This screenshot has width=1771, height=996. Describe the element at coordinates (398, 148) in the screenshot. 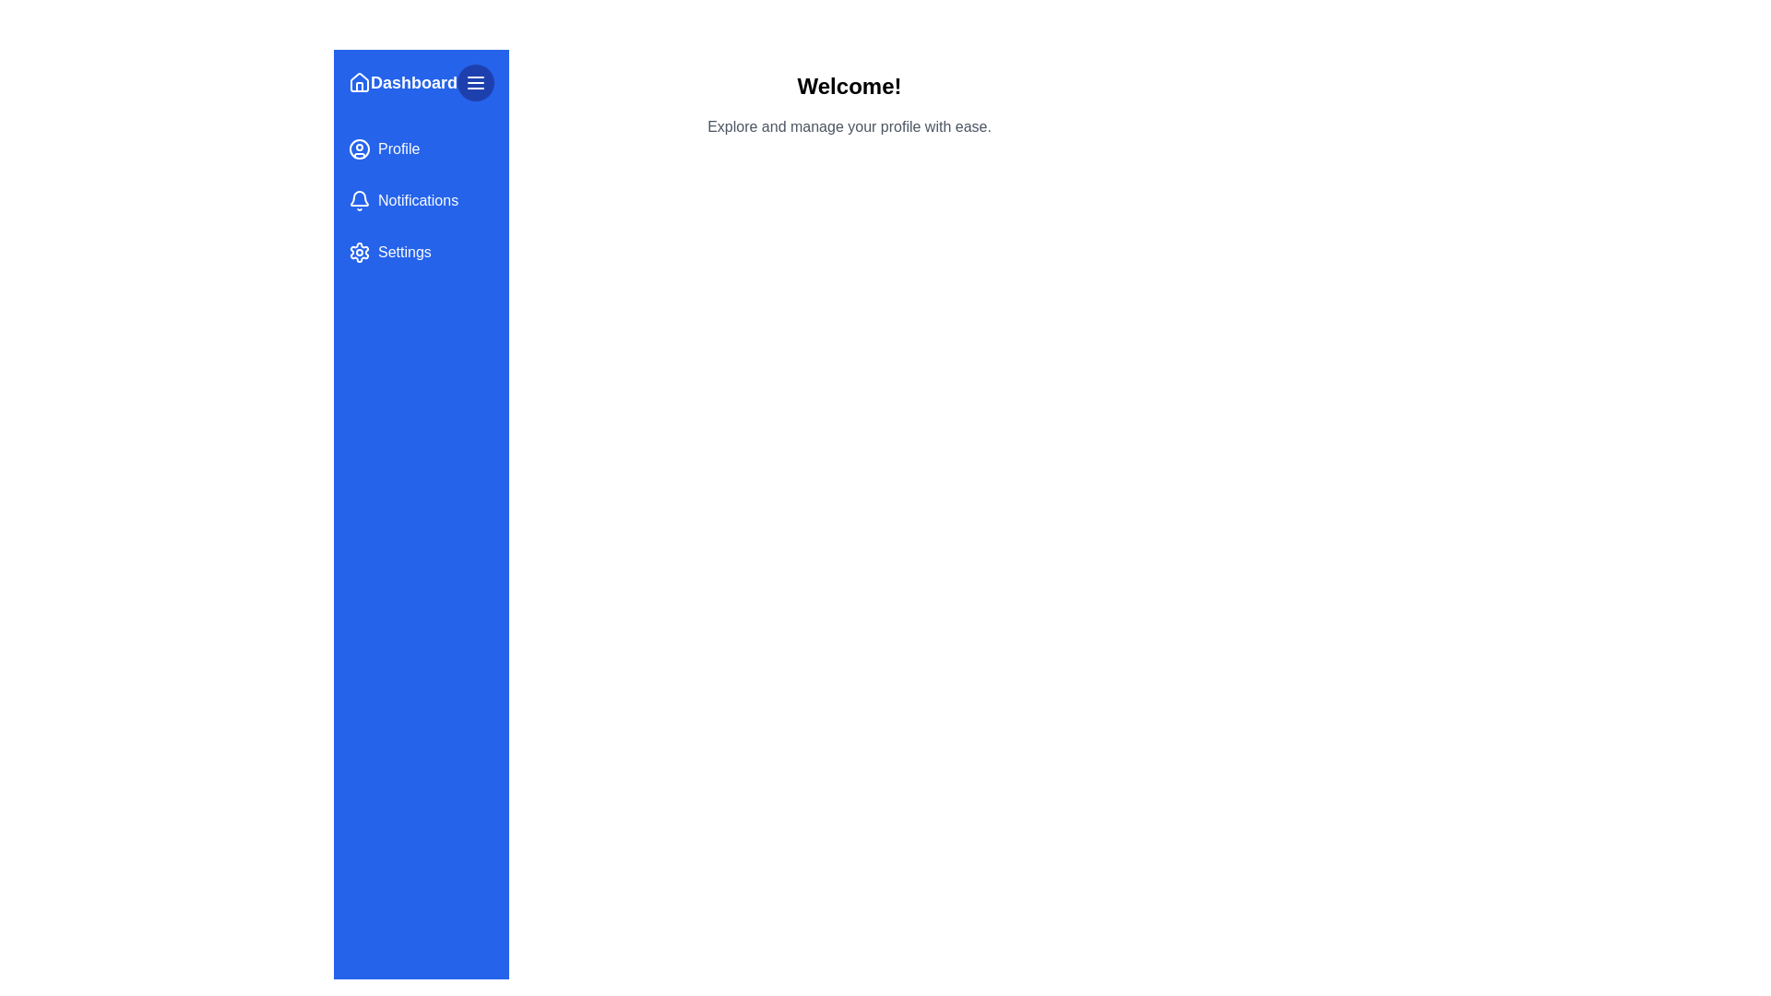

I see `the 'Profile' text label in the vertical navigation menu on the blue sidebar` at that location.